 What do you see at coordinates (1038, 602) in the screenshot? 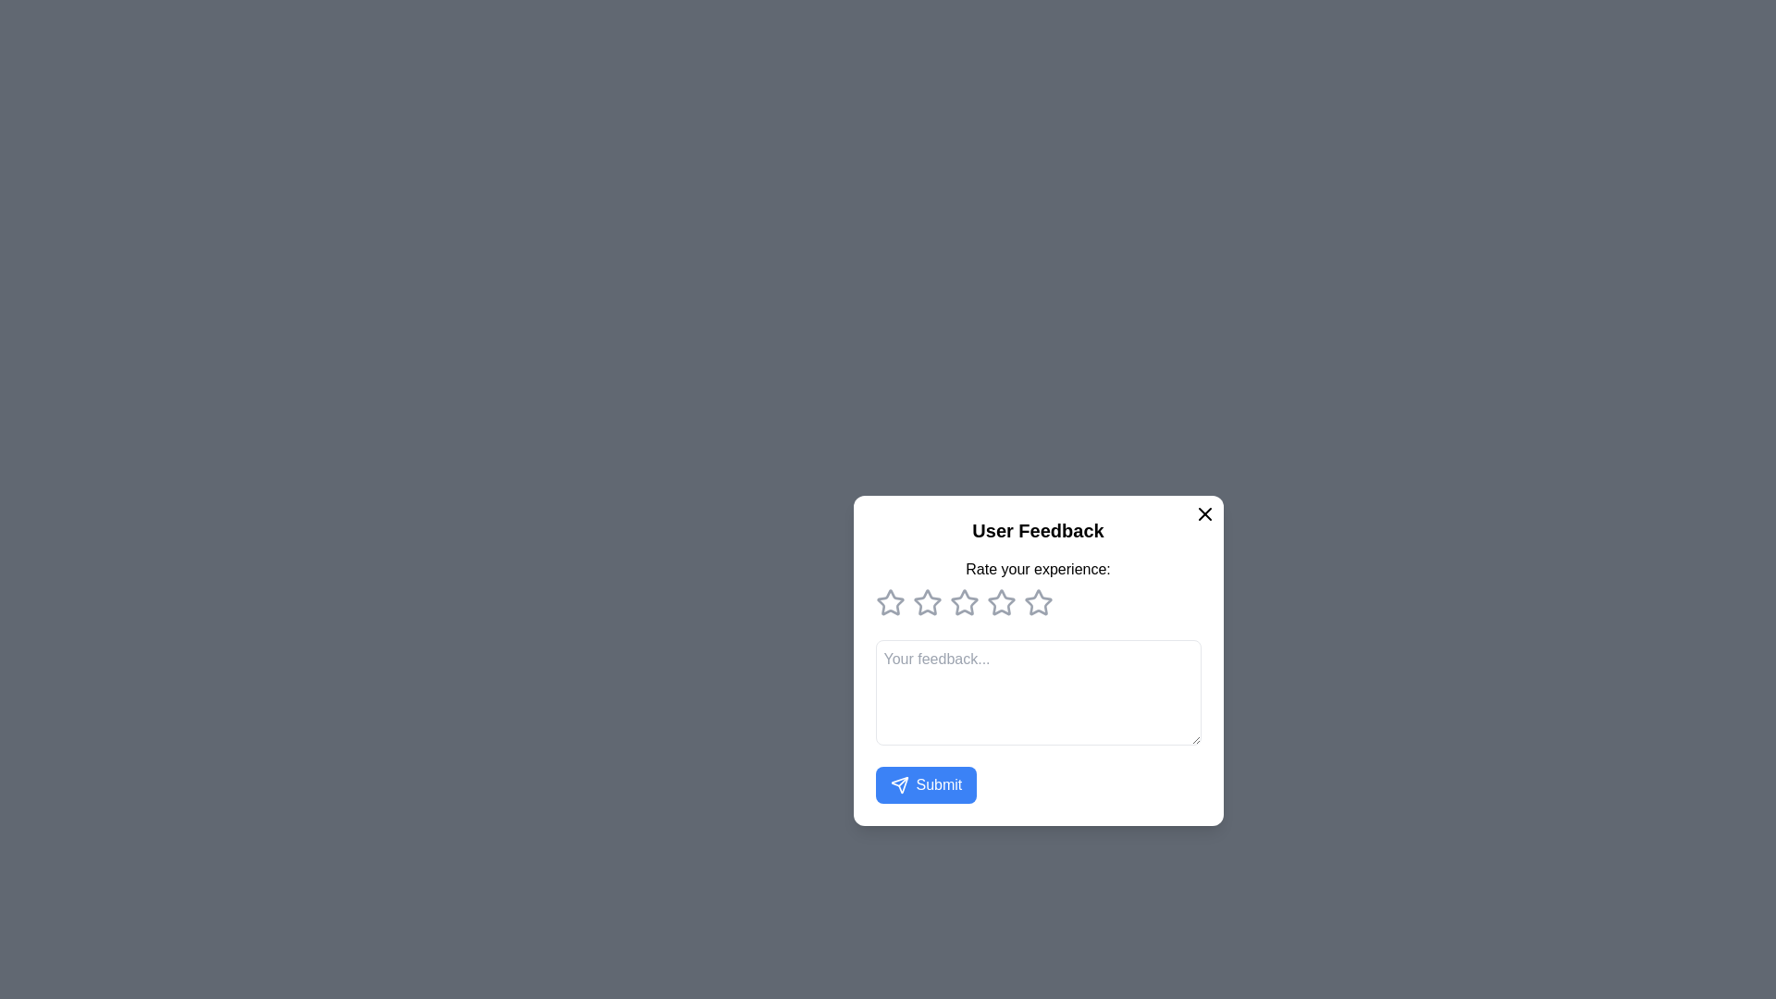
I see `the fifth interactive rating star icon in the feedback modal for customization` at bounding box center [1038, 602].